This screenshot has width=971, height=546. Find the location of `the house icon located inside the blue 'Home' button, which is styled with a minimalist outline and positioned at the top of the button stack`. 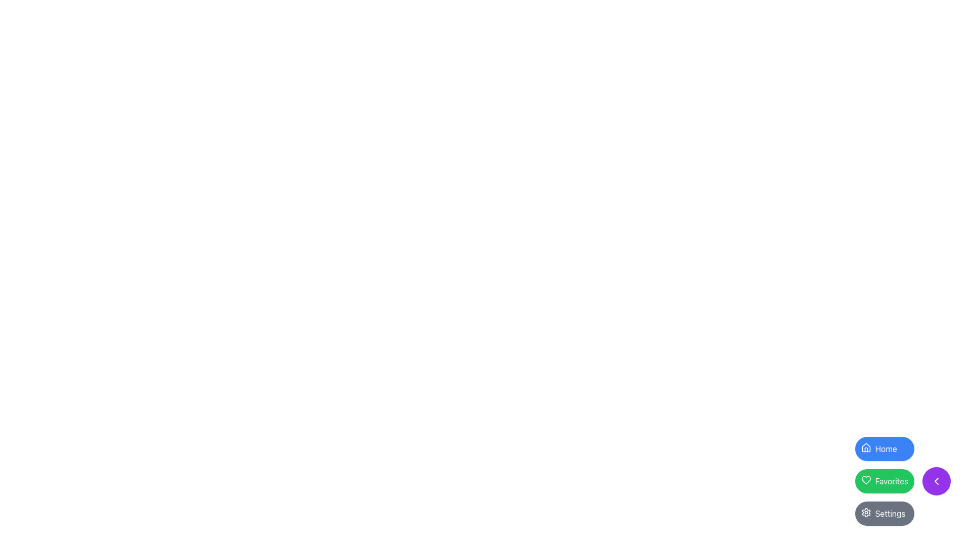

the house icon located inside the blue 'Home' button, which is styled with a minimalist outline and positioned at the top of the button stack is located at coordinates (865, 447).